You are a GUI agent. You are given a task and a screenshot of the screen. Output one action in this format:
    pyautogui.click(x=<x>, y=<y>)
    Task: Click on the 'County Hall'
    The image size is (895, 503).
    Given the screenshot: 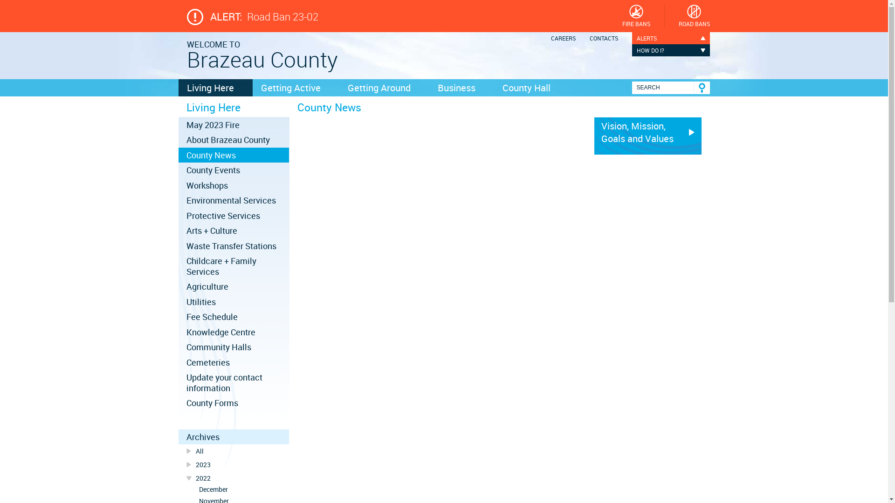 What is the action you would take?
    pyautogui.click(x=531, y=88)
    